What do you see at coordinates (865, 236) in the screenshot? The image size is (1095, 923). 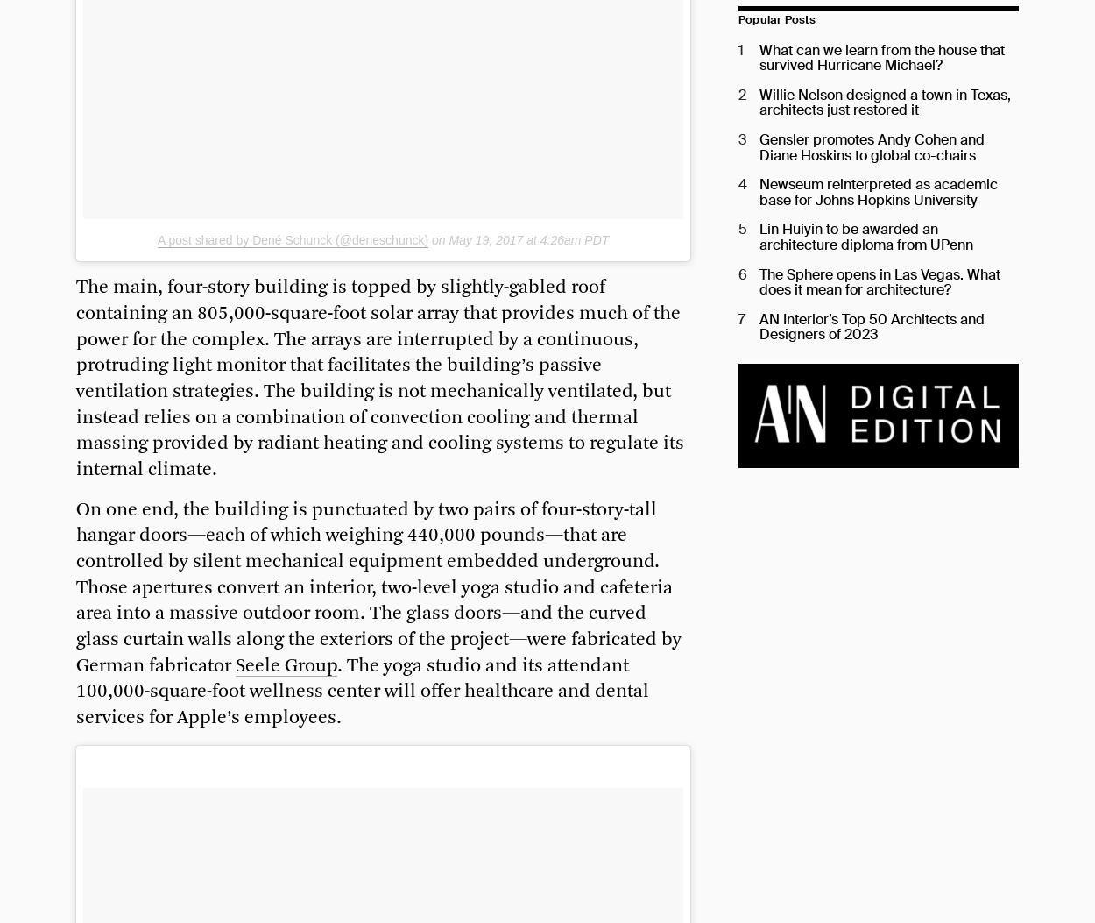 I see `'Lin Huiyin to be awarded an architecture diploma from UPenn'` at bounding box center [865, 236].